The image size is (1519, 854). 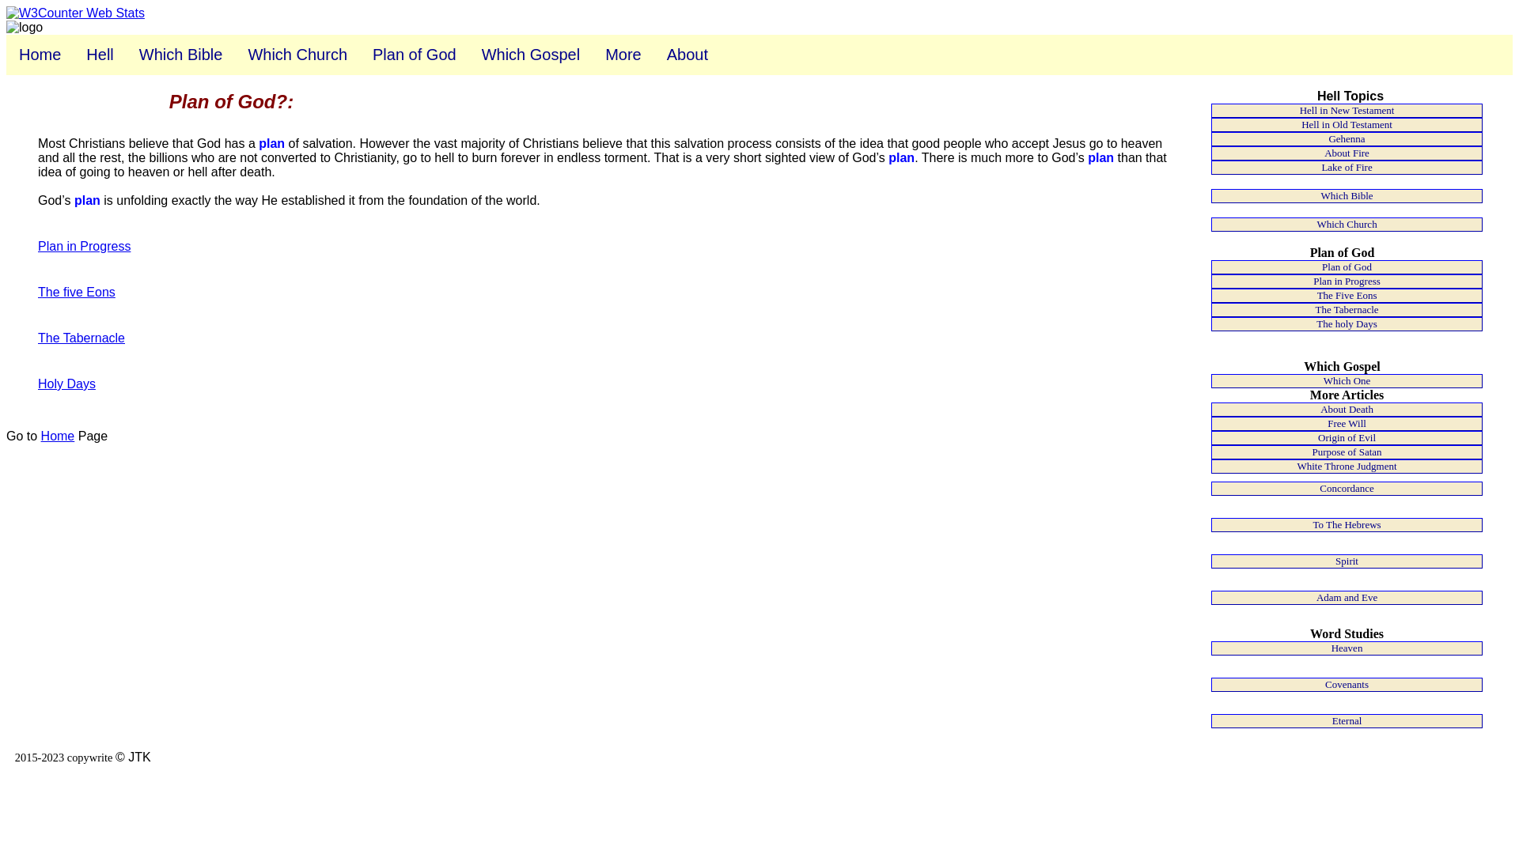 I want to click on 'Spirit', so click(x=1346, y=560).